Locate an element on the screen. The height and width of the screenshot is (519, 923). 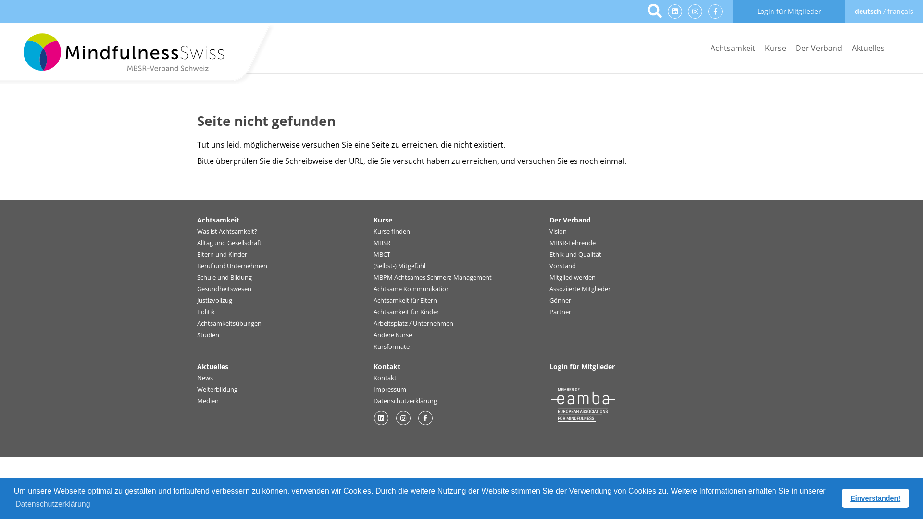
'Justizvollzug' is located at coordinates (214, 300).